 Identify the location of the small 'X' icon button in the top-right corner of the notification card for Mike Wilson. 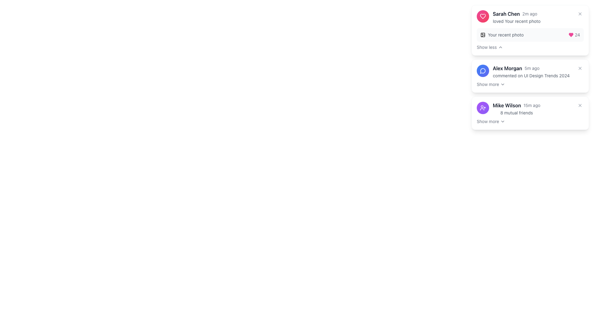
(580, 105).